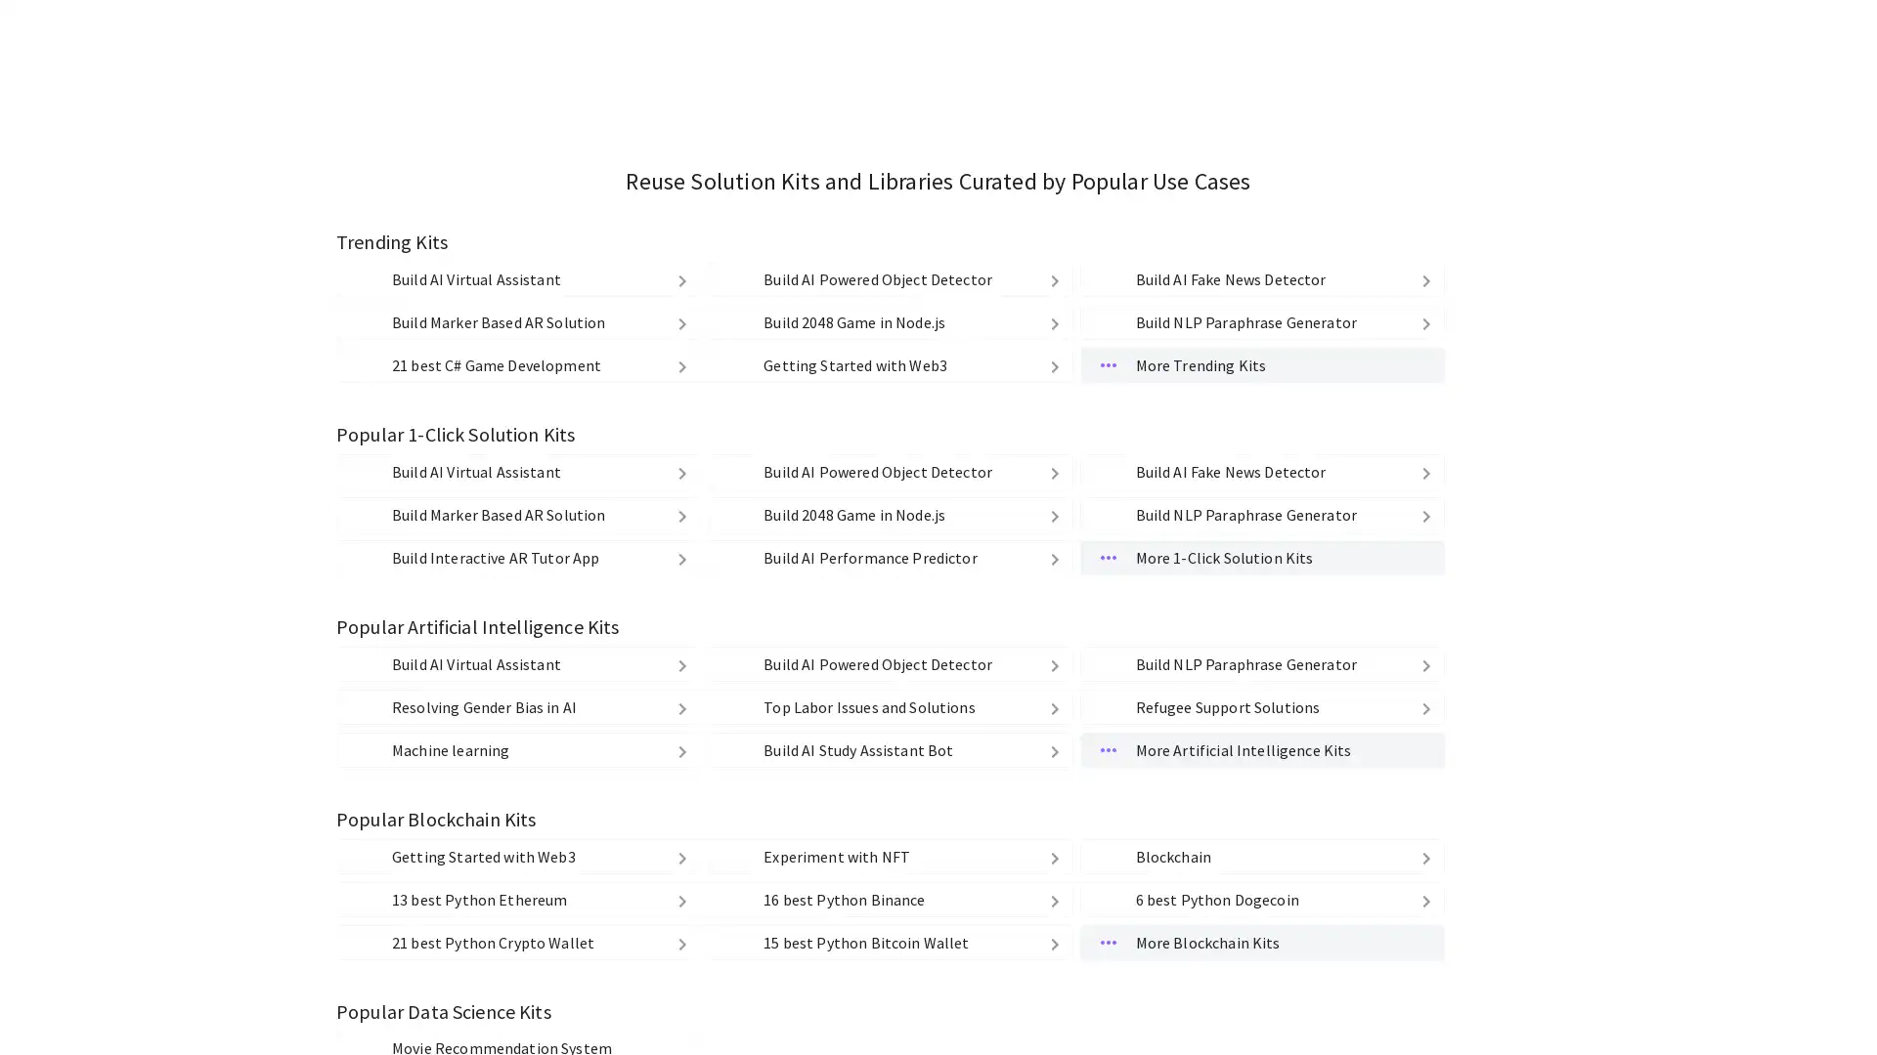 Image resolution: width=1877 pixels, height=1055 pixels. What do you see at coordinates (1425, 771) in the screenshot?
I see `delete` at bounding box center [1425, 771].